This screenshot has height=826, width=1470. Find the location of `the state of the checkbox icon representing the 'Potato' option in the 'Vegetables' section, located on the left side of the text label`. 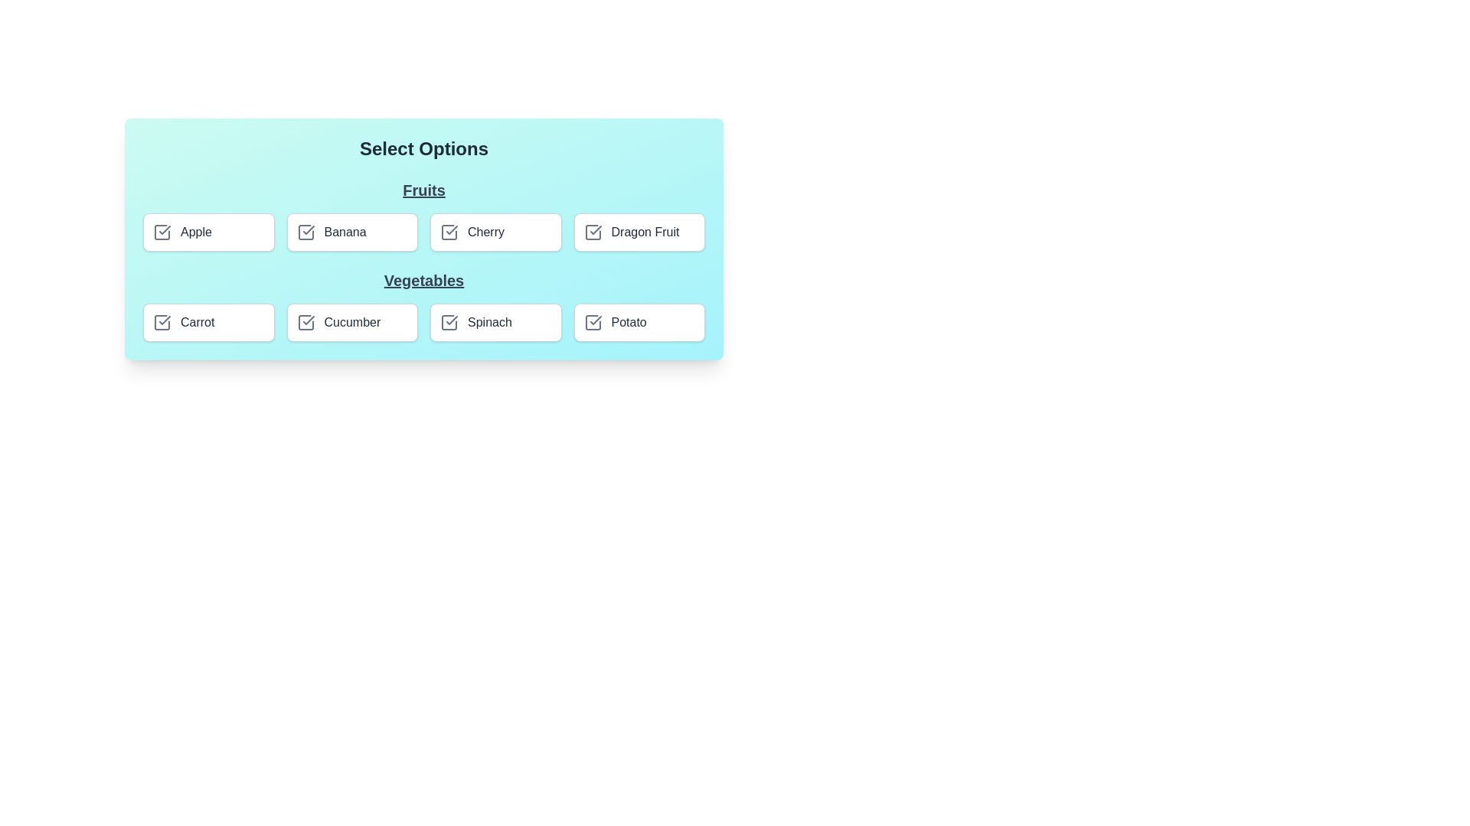

the state of the checkbox icon representing the 'Potato' option in the 'Vegetables' section, located on the left side of the text label is located at coordinates (592, 321).